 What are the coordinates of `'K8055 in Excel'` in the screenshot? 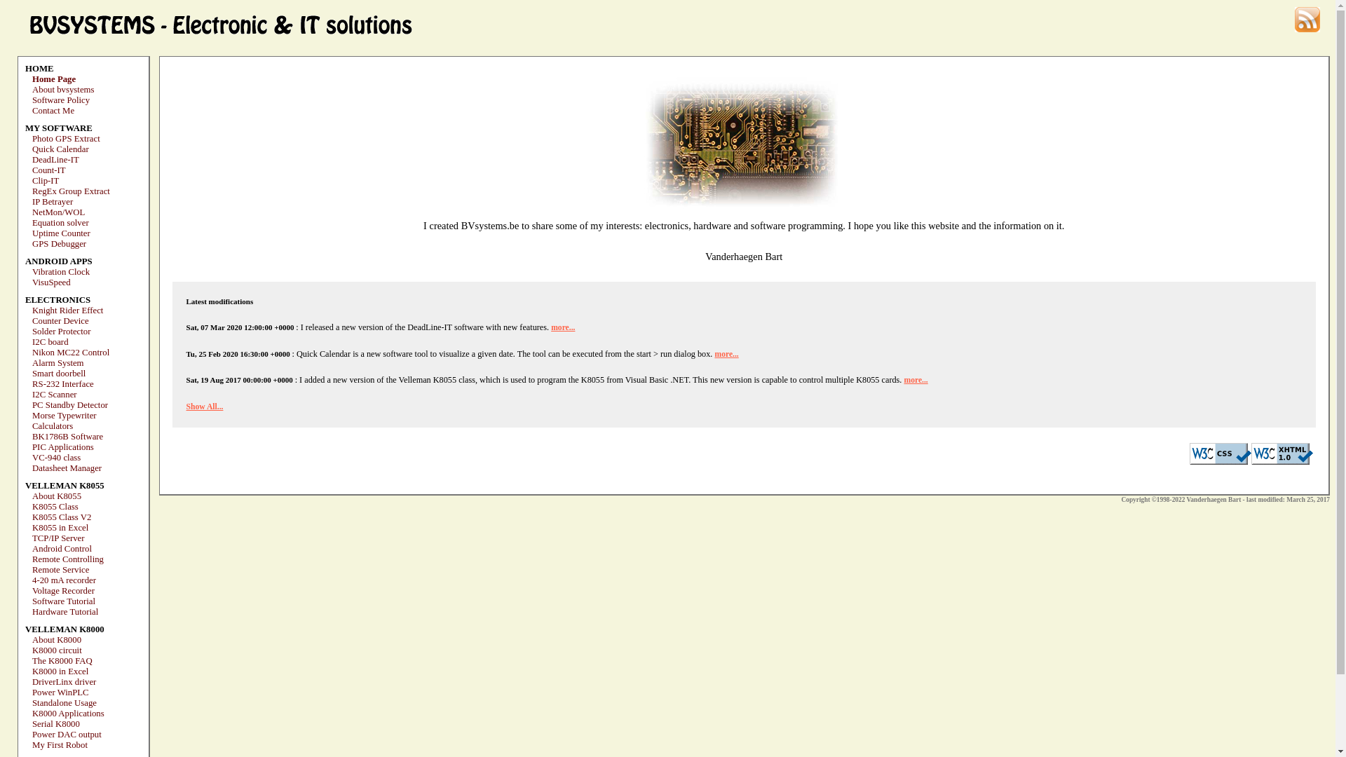 It's located at (60, 527).